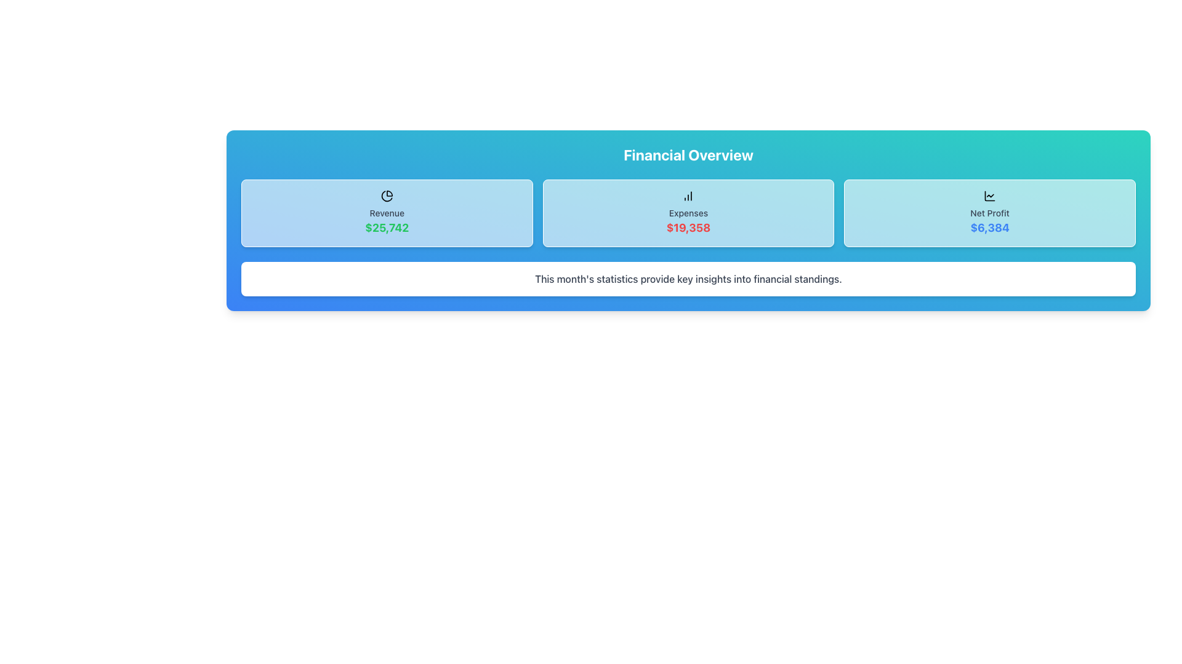 Image resolution: width=1182 pixels, height=664 pixels. Describe the element at coordinates (386, 196) in the screenshot. I see `the small circular pie-chart icon located at the top of the 'Revenue' card, which is centered horizontally above the 'Revenue' label and numerical value` at that location.